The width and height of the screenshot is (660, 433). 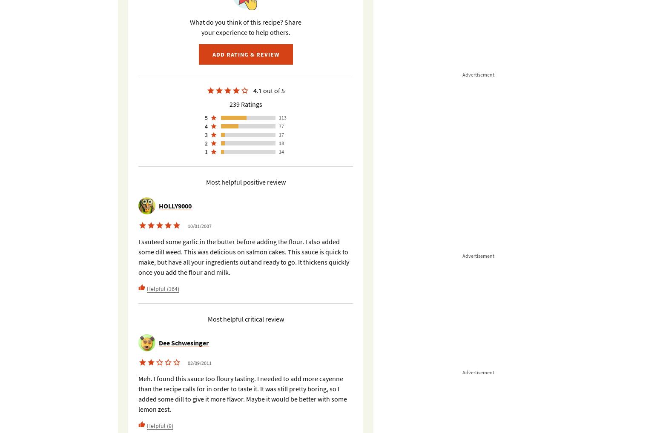 I want to click on 'Helpful (9)', so click(x=160, y=425).